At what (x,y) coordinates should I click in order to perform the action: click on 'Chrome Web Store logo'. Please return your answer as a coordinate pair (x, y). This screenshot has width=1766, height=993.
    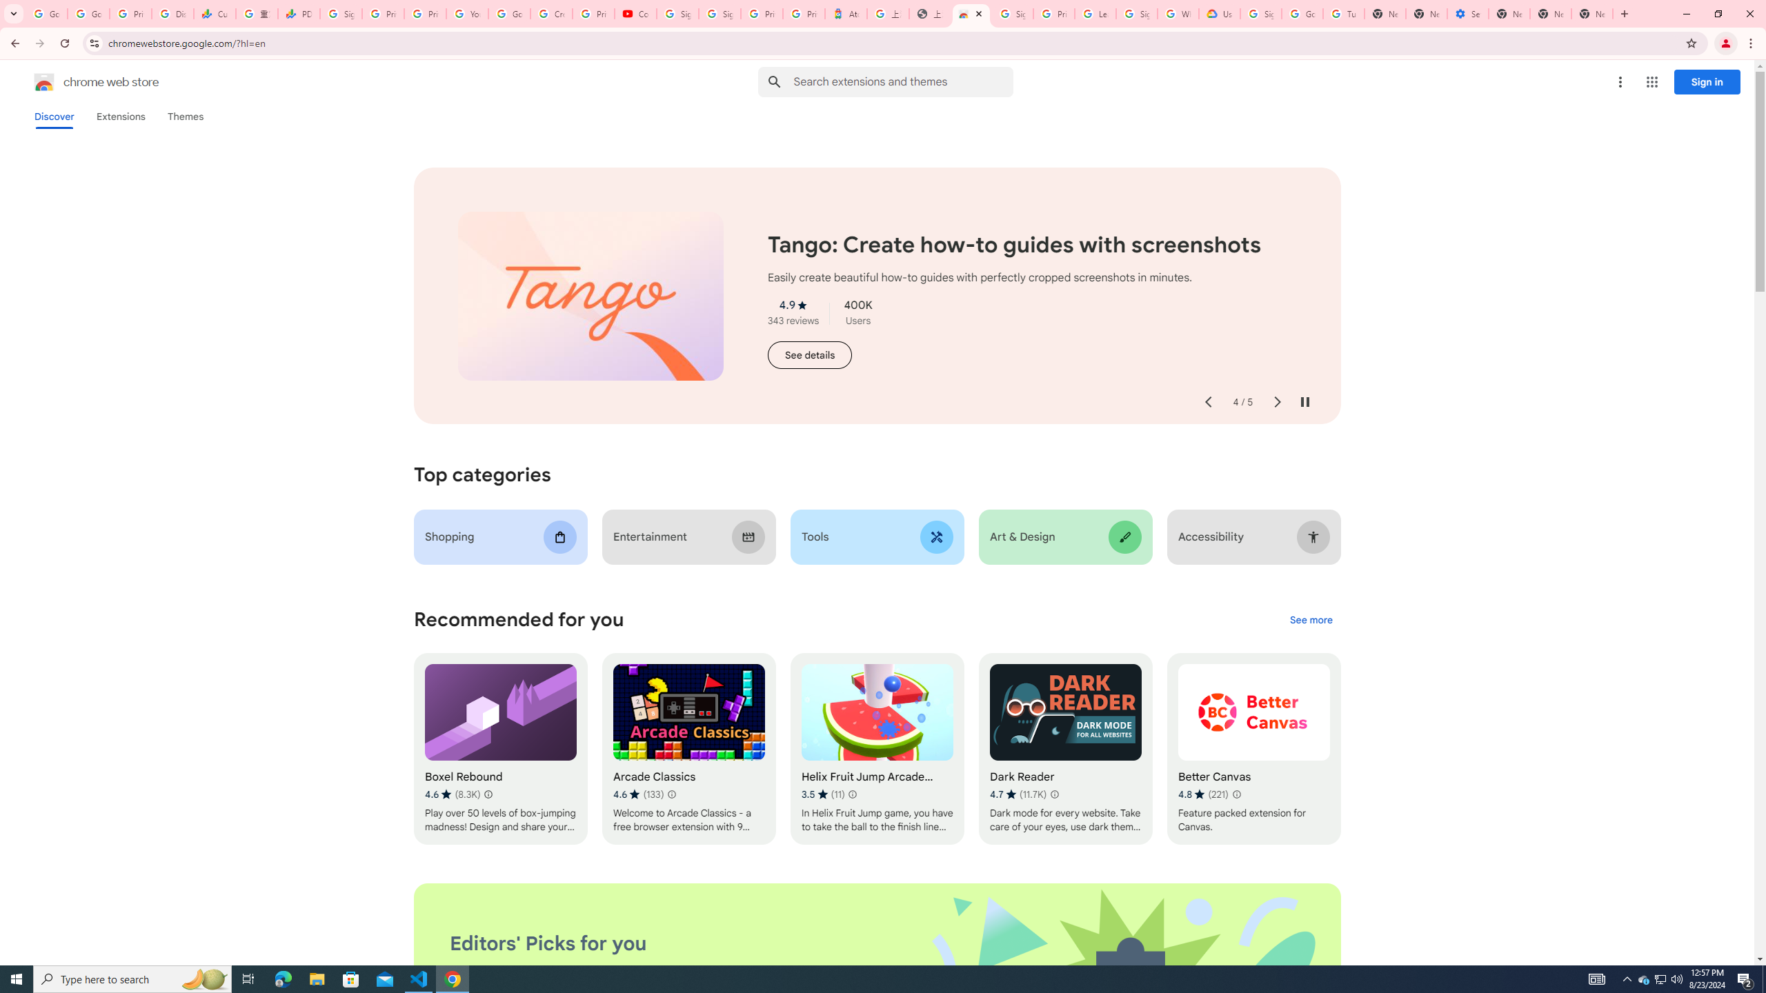
    Looking at the image, I should click on (44, 81).